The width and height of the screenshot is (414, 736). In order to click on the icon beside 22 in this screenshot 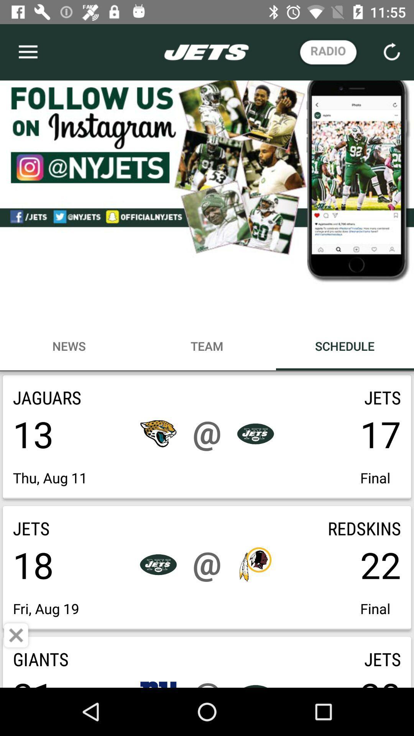, I will do `click(256, 565)`.